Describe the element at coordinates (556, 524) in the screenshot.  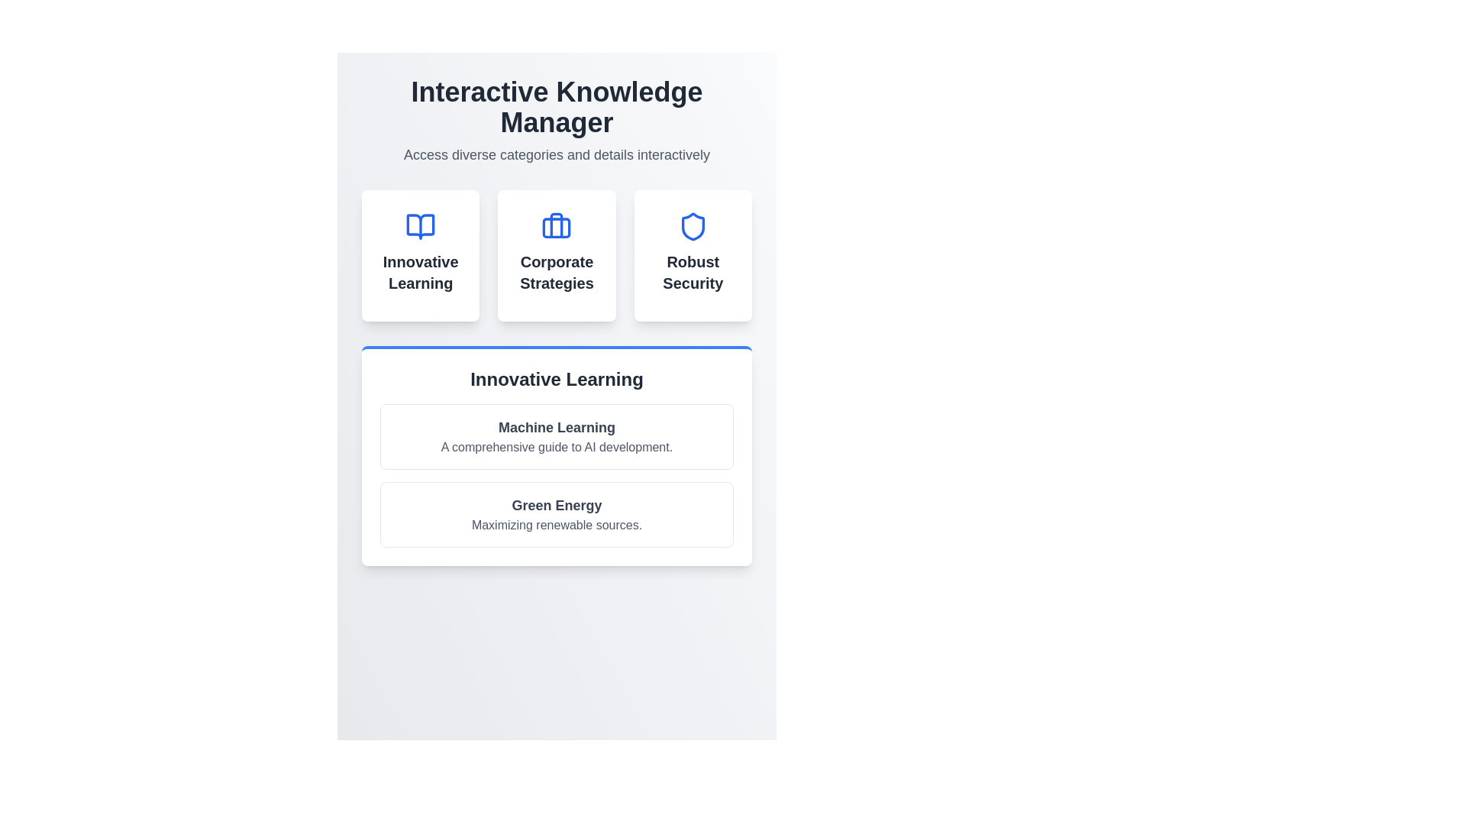
I see `the text label reading 'Maximizing renewable sources.' which is styled in gray and located below the 'Green Energy' header` at that location.